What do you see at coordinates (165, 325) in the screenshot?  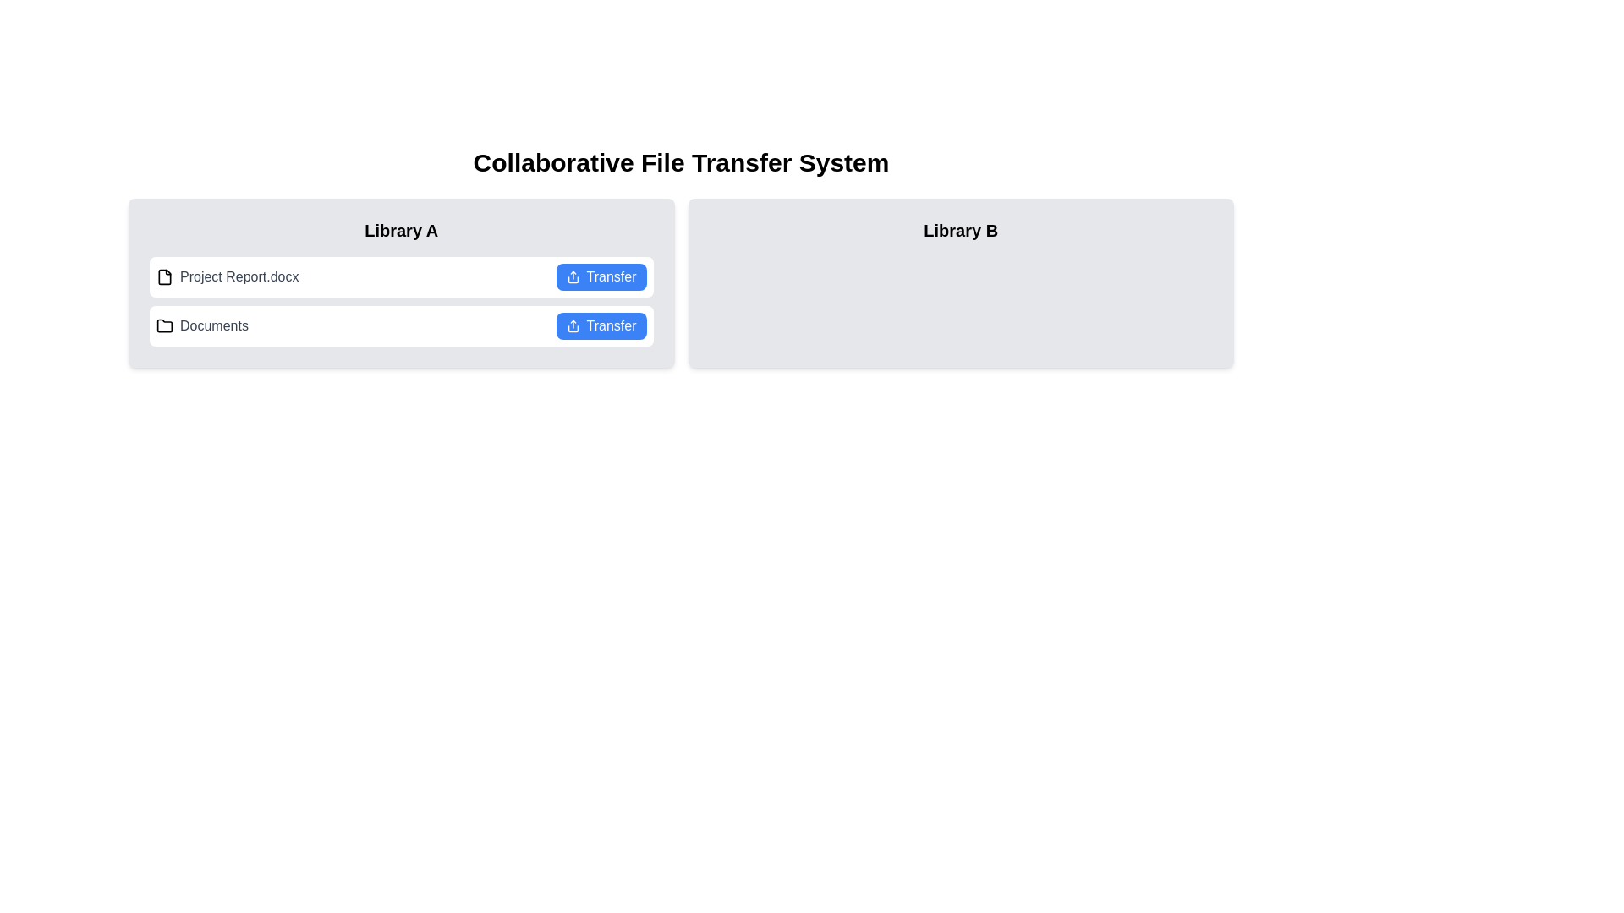 I see `the folder icon representing the 'Documents' file item, positioned on the left side of the second file item under 'Library A'` at bounding box center [165, 325].